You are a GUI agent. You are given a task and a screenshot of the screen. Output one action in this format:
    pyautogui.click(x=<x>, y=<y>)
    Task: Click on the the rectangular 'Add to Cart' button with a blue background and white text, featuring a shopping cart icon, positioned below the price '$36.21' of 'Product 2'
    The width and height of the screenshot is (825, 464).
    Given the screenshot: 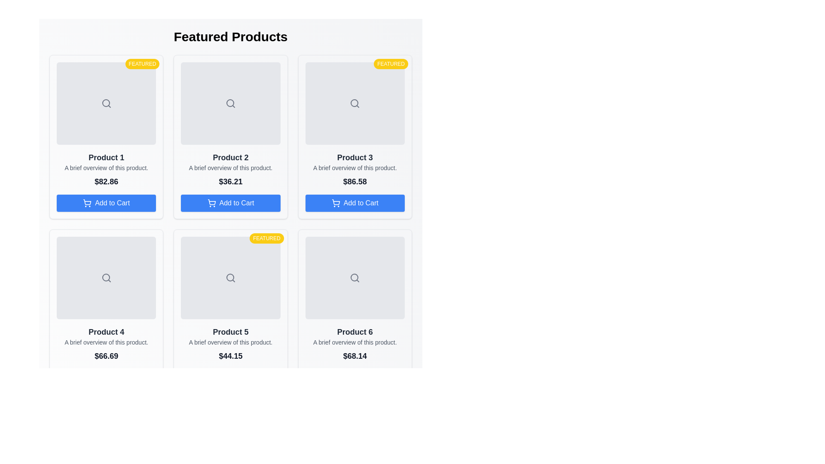 What is the action you would take?
    pyautogui.click(x=231, y=203)
    